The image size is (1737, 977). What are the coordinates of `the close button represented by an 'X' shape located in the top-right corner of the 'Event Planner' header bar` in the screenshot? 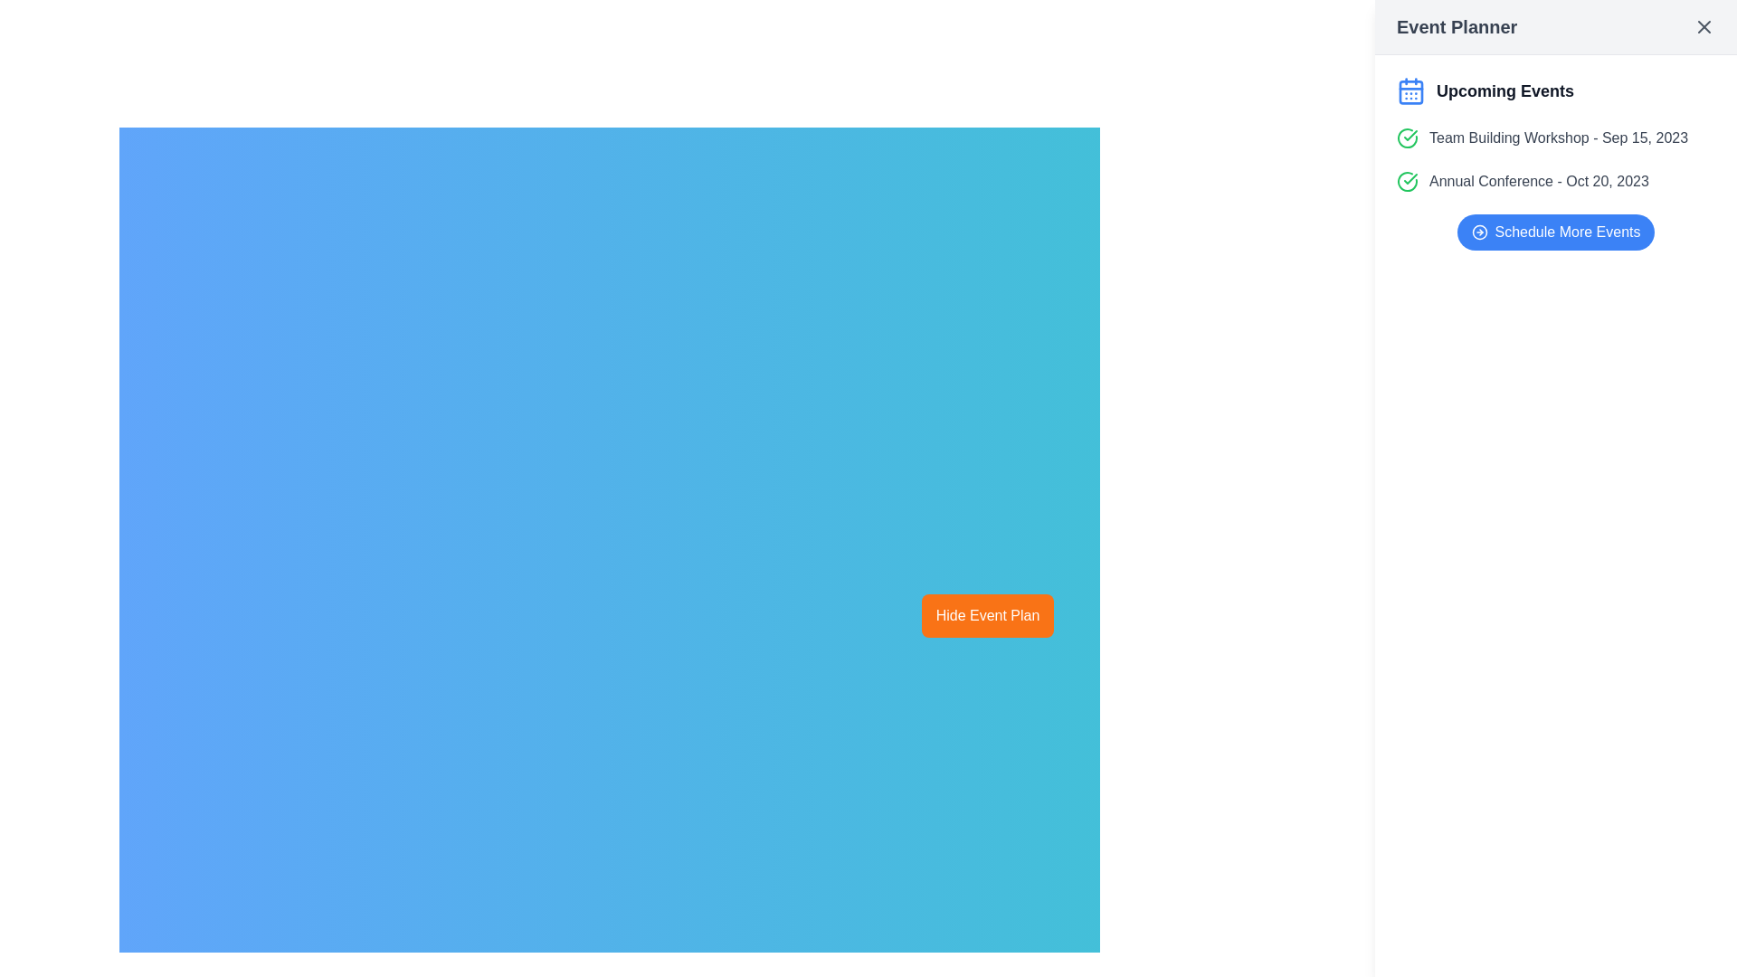 It's located at (1703, 27).